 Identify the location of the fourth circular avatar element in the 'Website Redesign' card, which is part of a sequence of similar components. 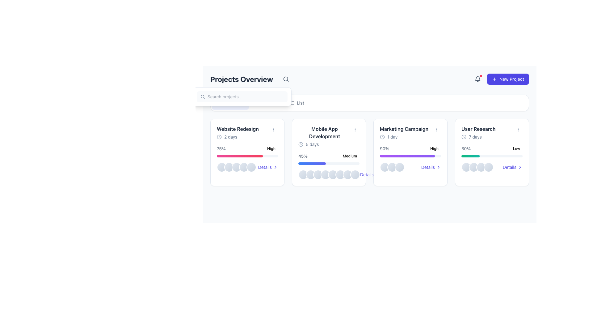
(244, 167).